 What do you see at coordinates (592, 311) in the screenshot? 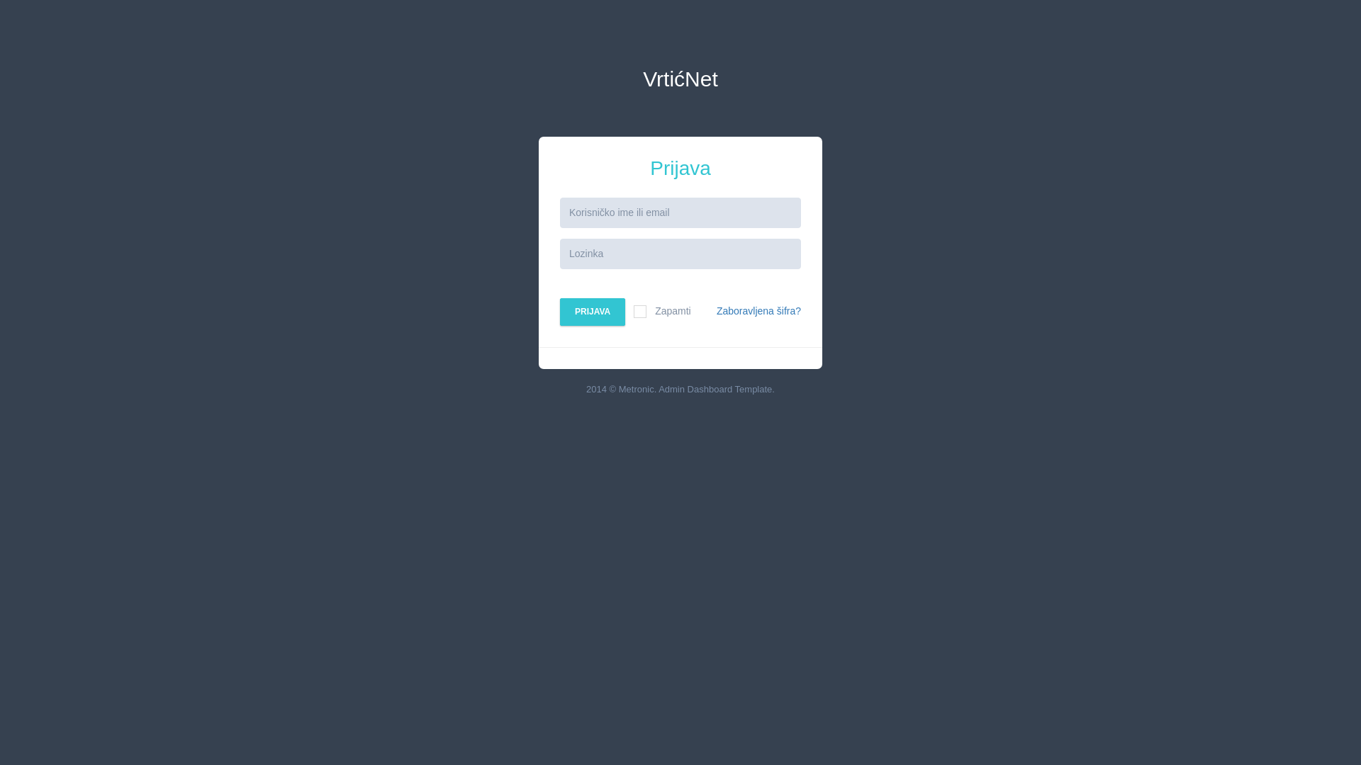
I see `'PRIJAVA'` at bounding box center [592, 311].